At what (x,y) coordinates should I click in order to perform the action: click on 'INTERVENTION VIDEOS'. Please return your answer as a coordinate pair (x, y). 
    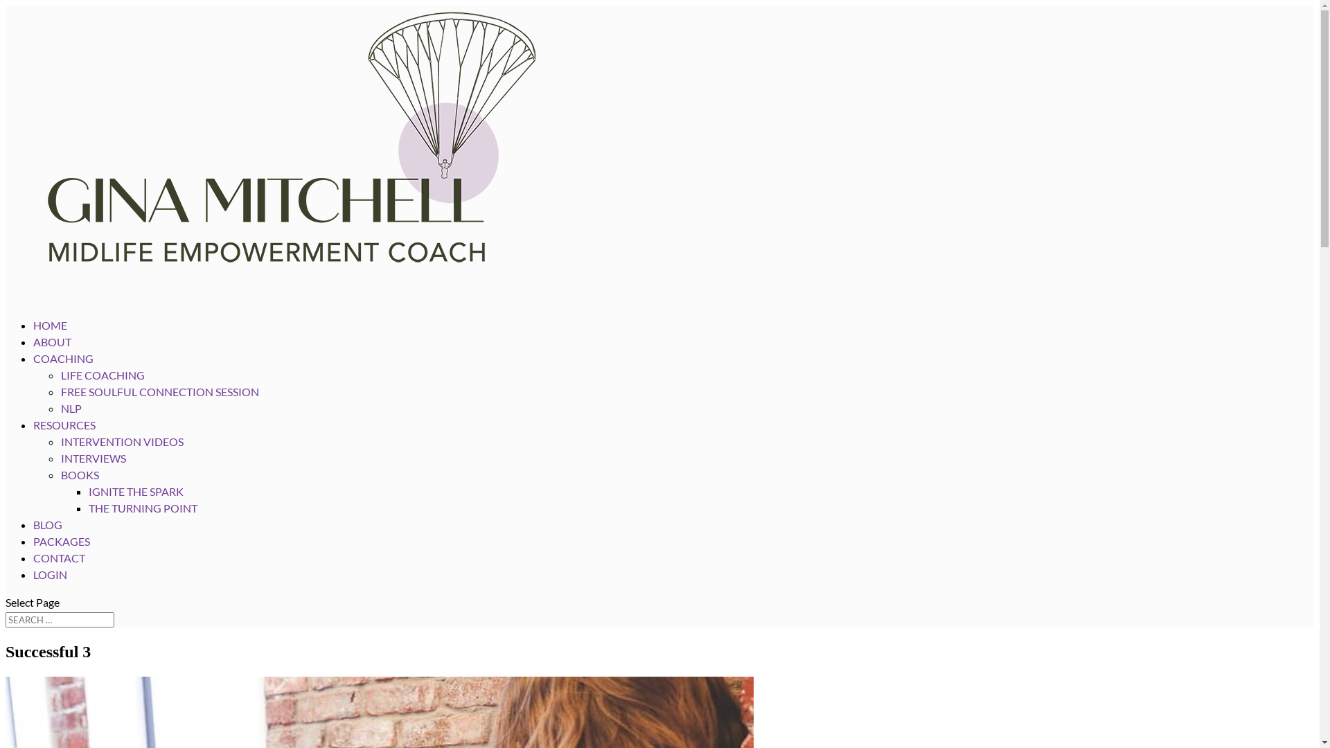
    Looking at the image, I should click on (122, 441).